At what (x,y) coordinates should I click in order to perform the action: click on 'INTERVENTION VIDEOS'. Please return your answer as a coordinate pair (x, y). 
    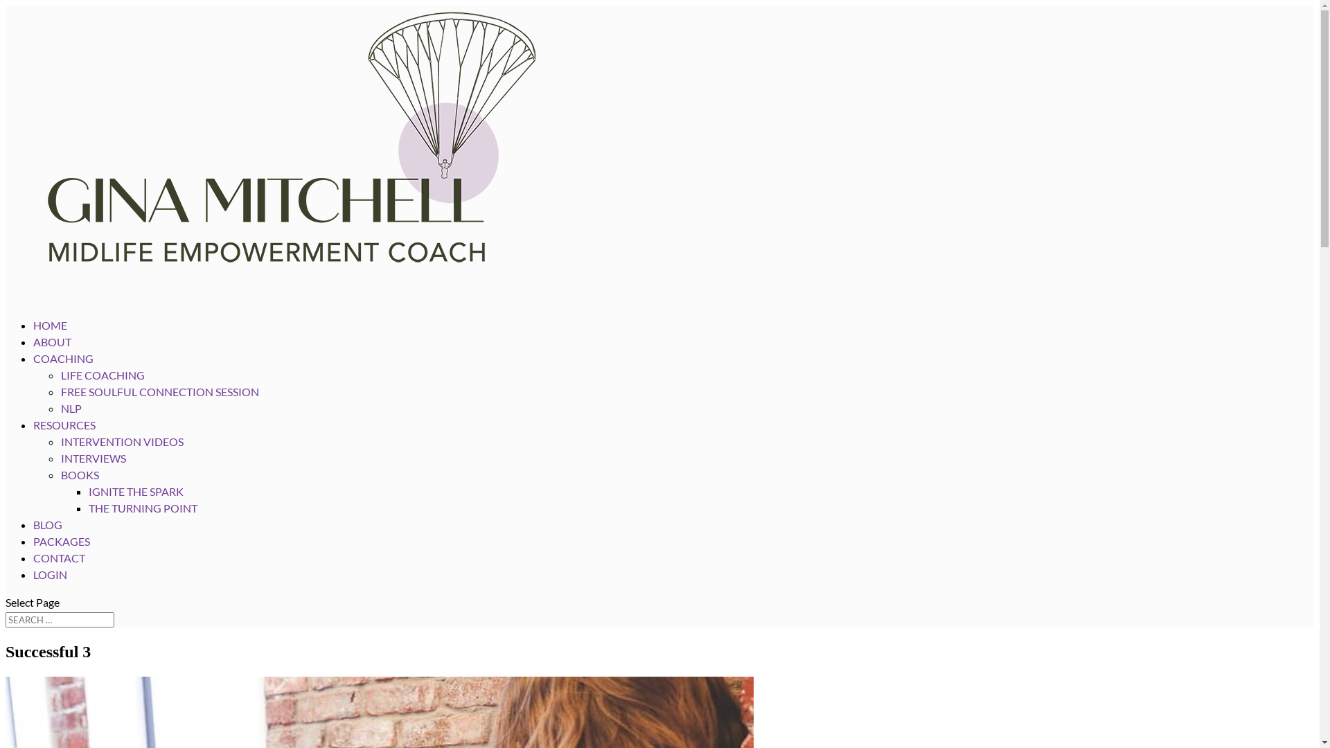
    Looking at the image, I should click on (122, 441).